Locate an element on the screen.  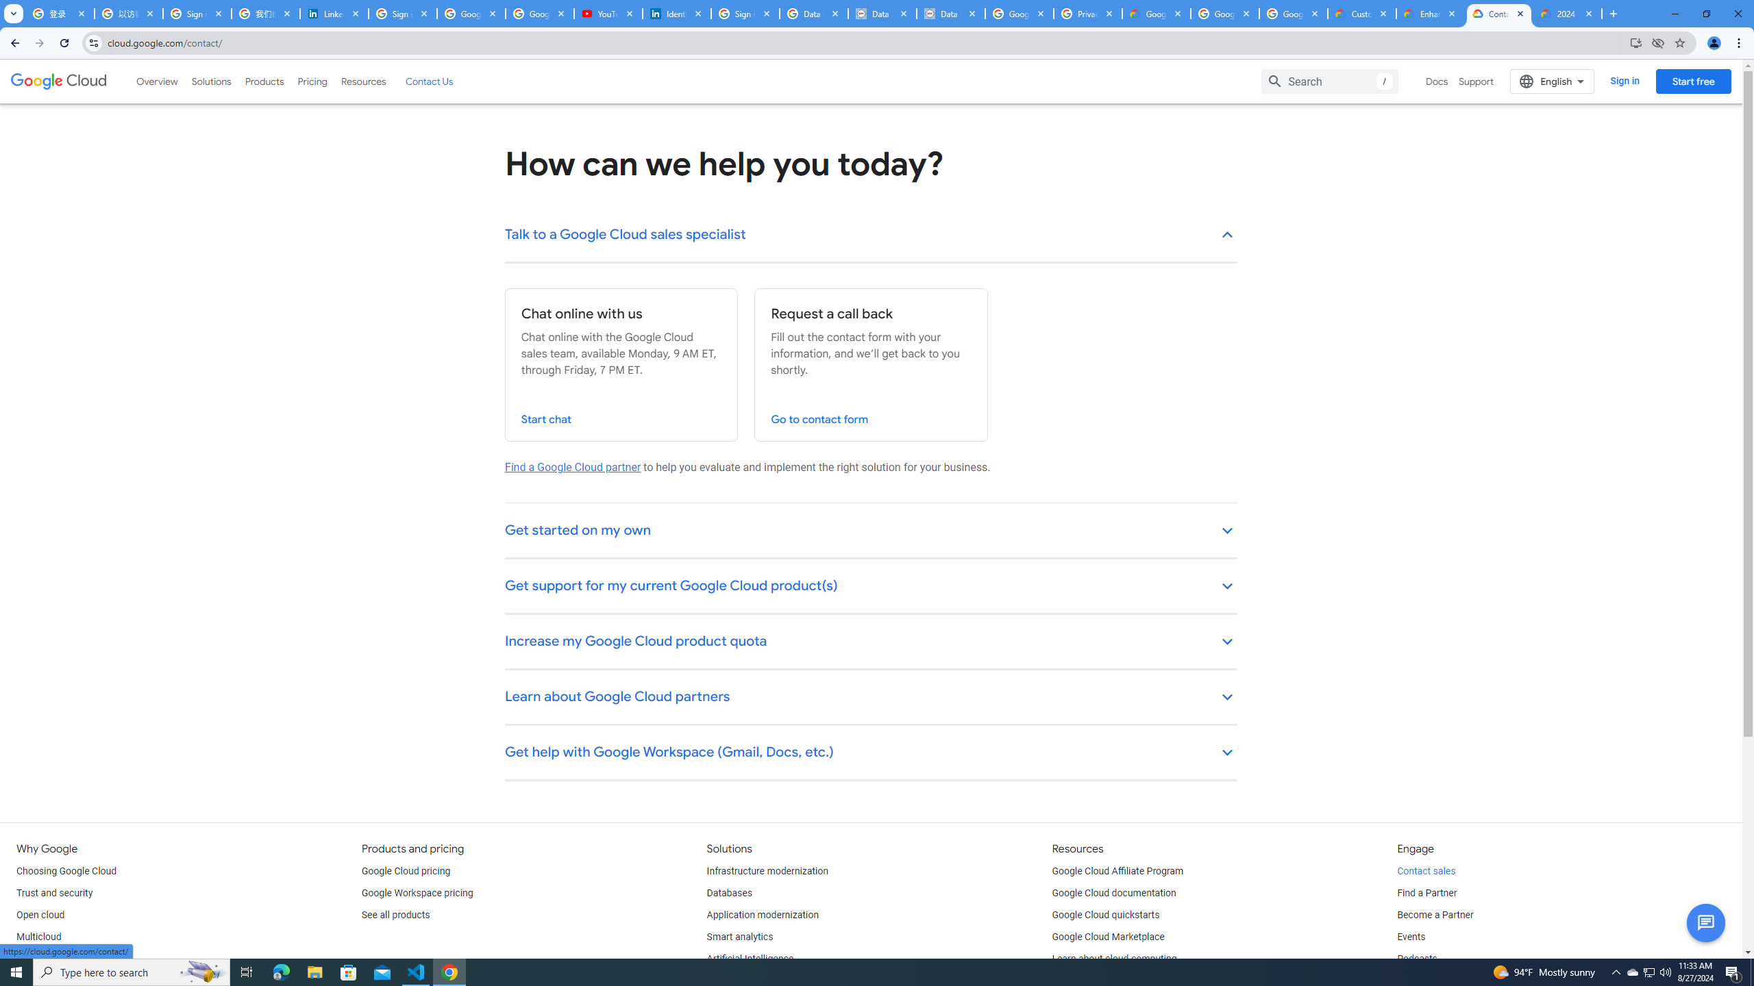
'Enhanced Support | Google Cloud' is located at coordinates (1430, 13).